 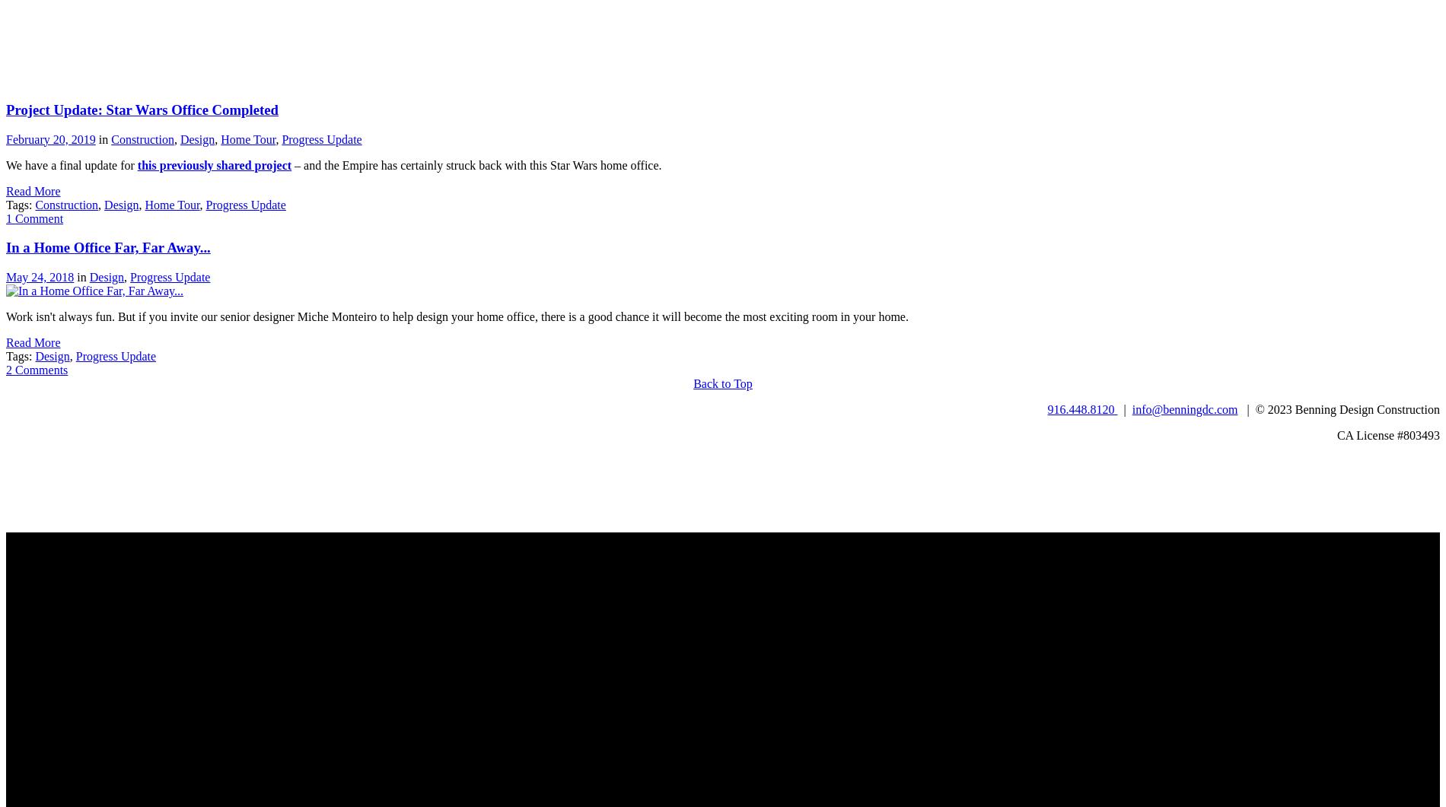 What do you see at coordinates (142, 109) in the screenshot?
I see `'Project Update: Star Wars Office Completed'` at bounding box center [142, 109].